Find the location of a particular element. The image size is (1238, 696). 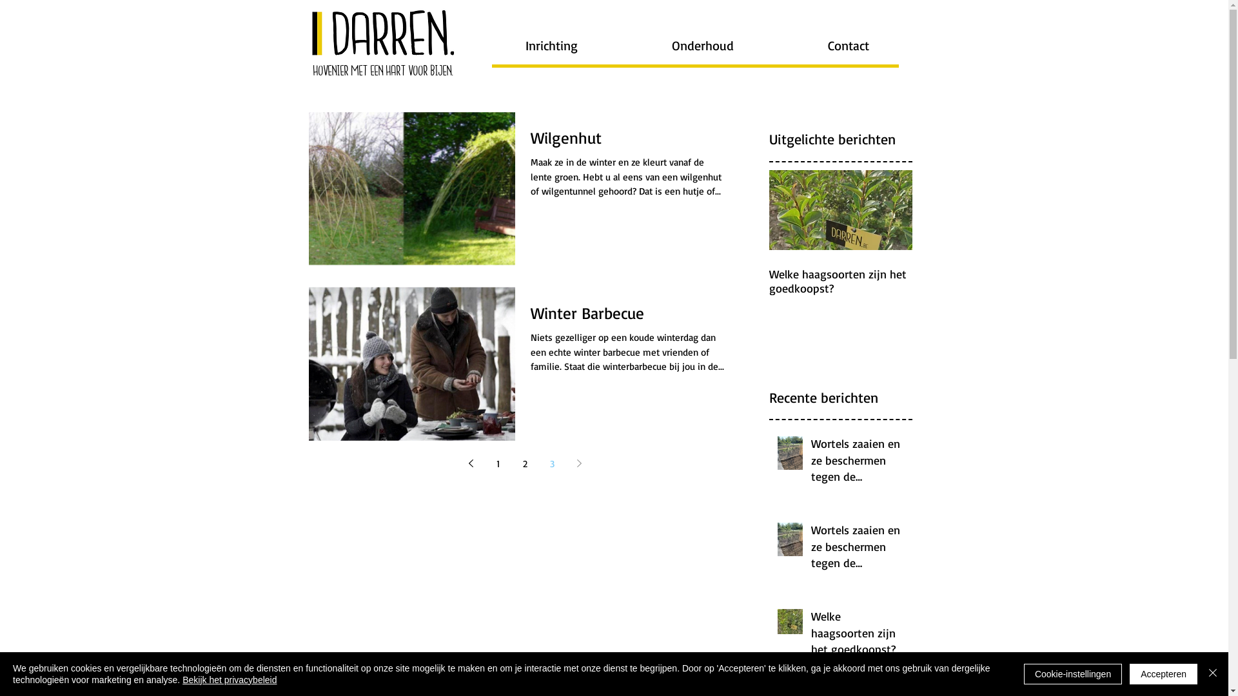

'Cookie-instellingen' is located at coordinates (1073, 673).